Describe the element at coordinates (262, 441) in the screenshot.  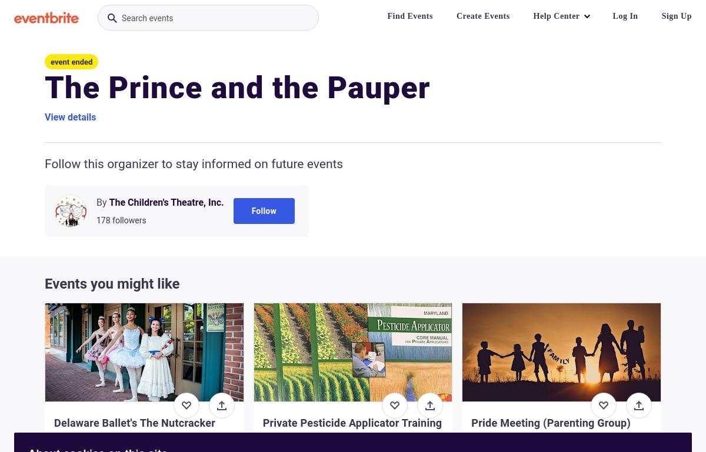
I see `'Tue, Nov 28, 6:00 PM'` at that location.